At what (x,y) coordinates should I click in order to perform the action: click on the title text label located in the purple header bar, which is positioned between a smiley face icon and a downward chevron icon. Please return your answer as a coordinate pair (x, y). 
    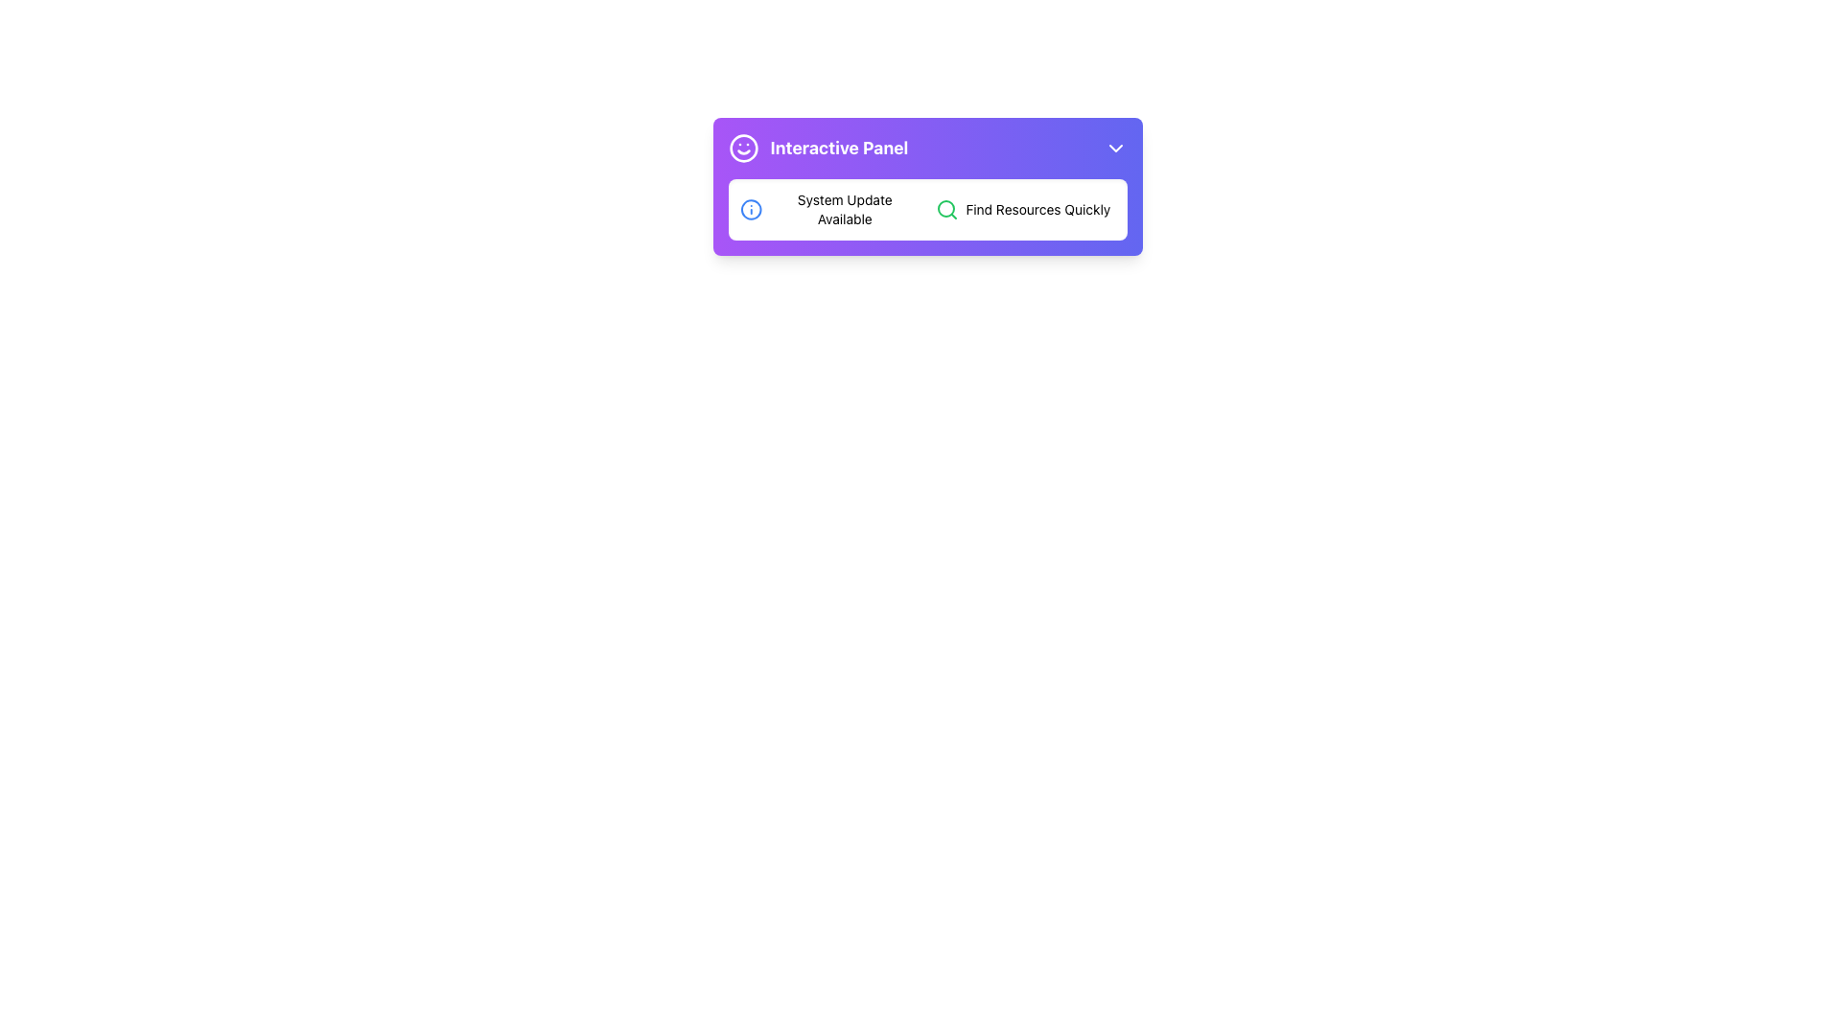
    Looking at the image, I should click on (839, 147).